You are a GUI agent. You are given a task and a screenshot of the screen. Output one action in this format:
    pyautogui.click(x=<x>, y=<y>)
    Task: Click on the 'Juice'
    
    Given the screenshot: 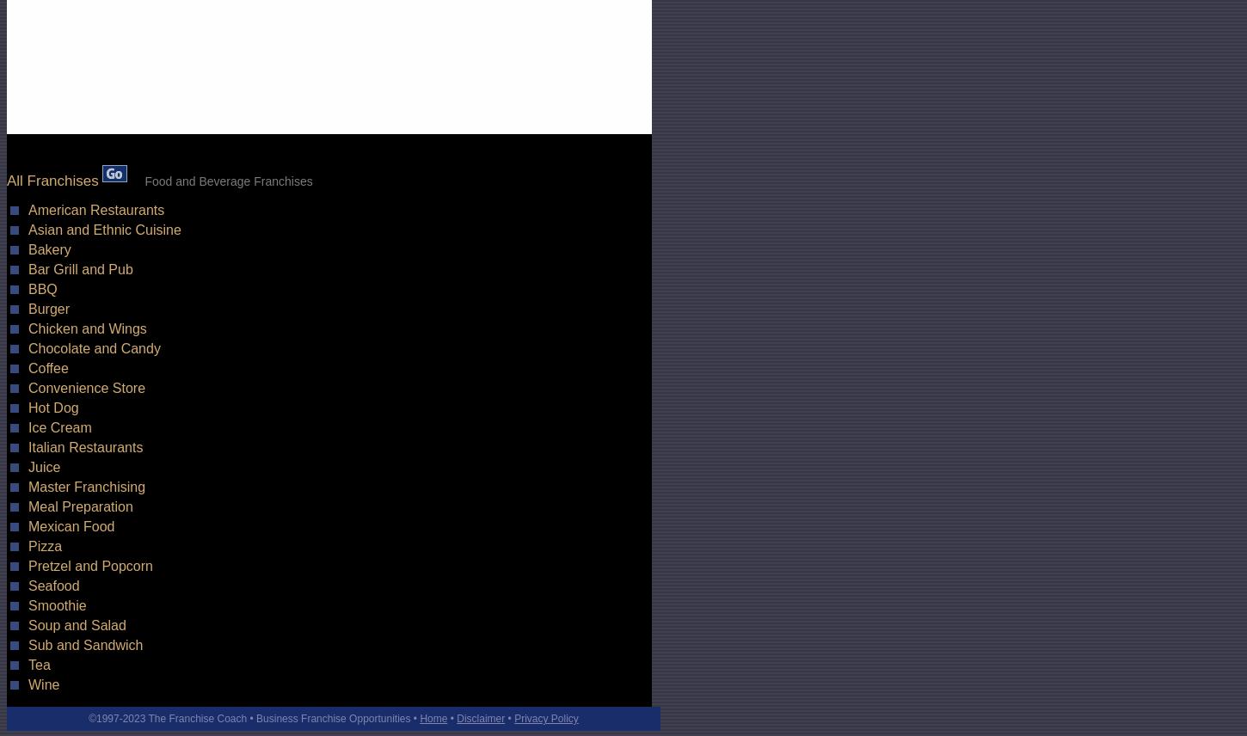 What is the action you would take?
    pyautogui.click(x=28, y=466)
    